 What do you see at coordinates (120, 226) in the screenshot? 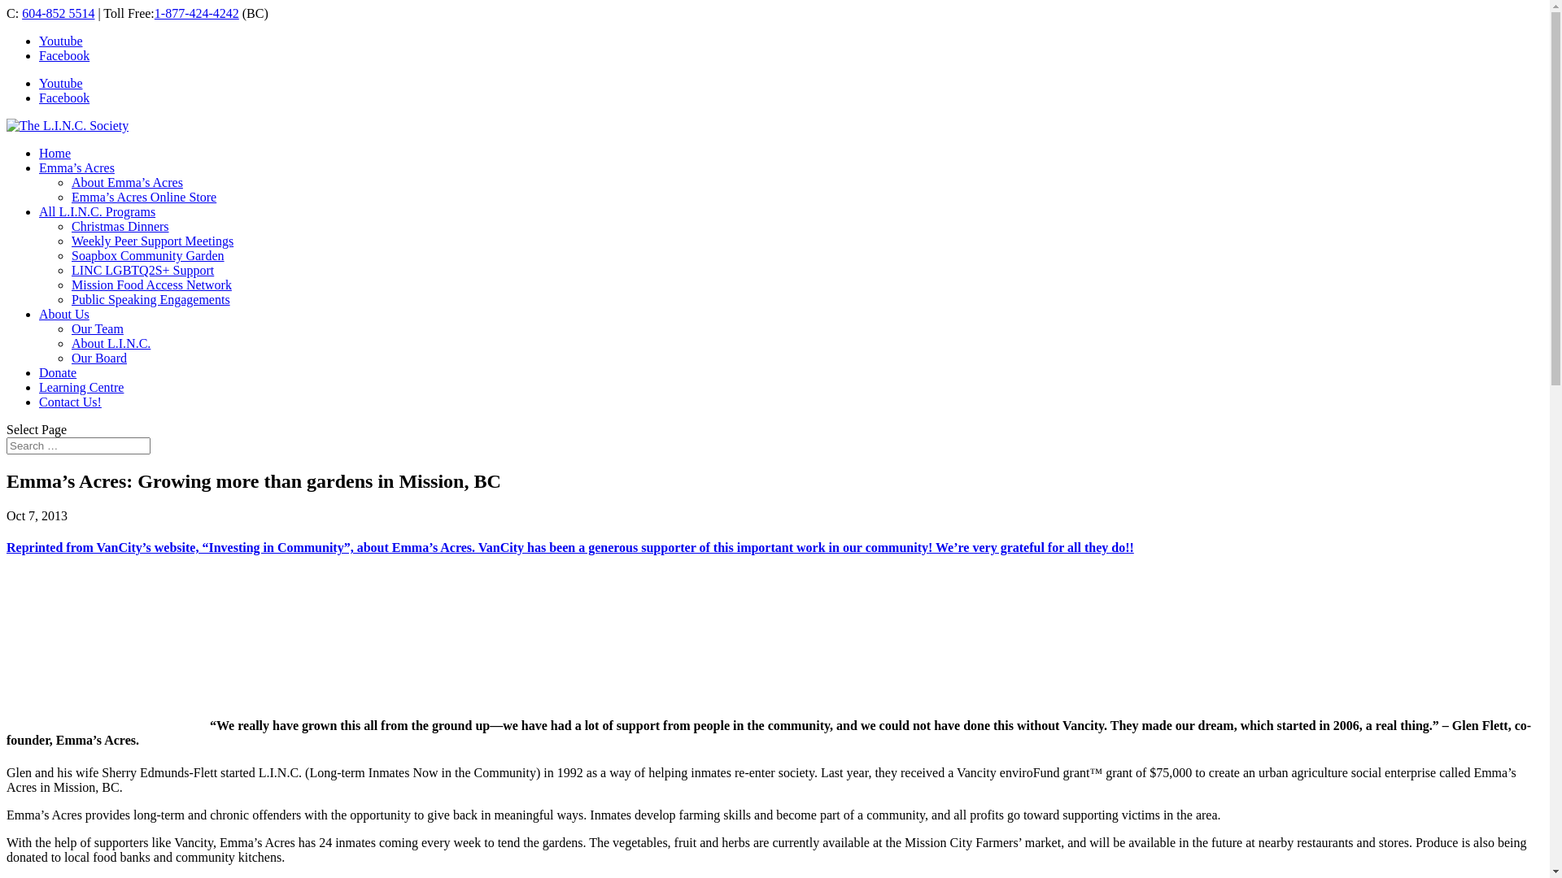
I see `'Christmas Dinners'` at bounding box center [120, 226].